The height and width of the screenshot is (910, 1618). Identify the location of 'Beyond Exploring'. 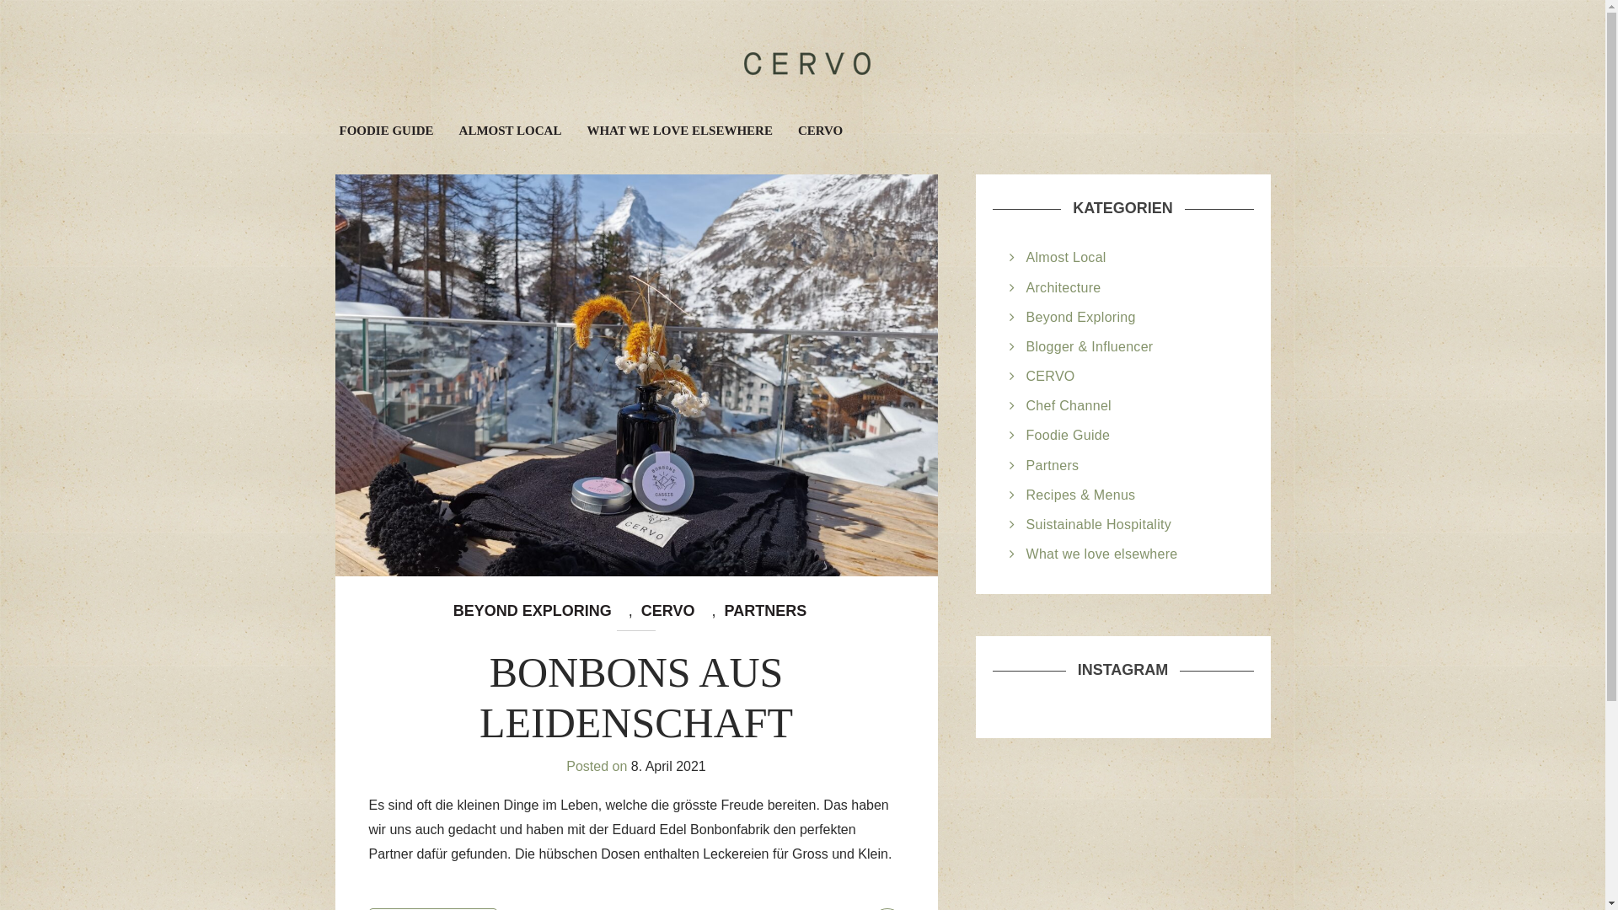
(1080, 317).